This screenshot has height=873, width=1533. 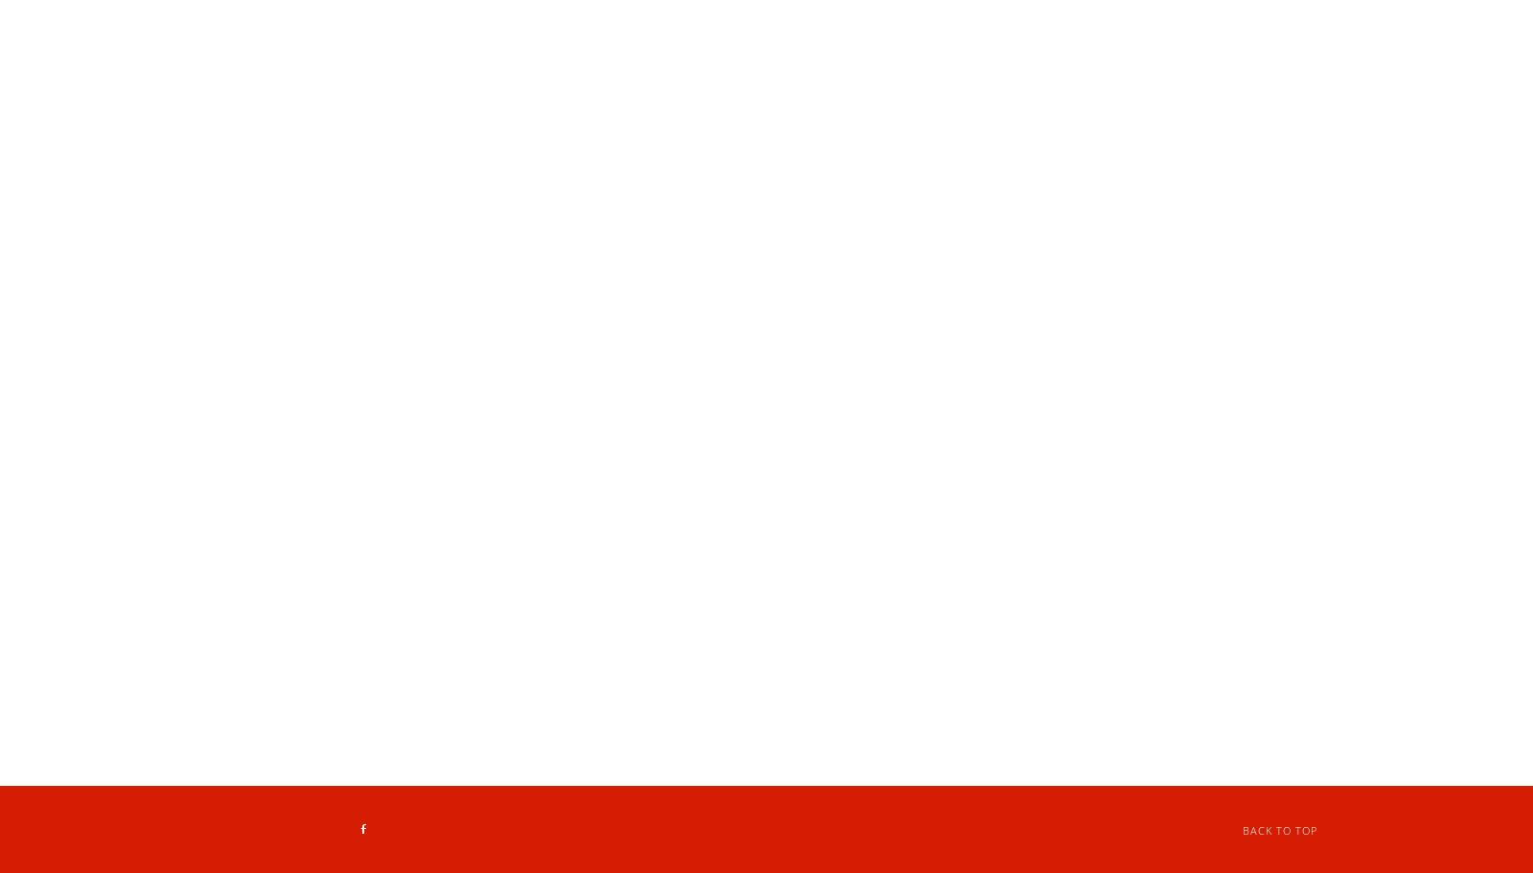 I want to click on '-15 pieces for $19.75', so click(x=524, y=236).